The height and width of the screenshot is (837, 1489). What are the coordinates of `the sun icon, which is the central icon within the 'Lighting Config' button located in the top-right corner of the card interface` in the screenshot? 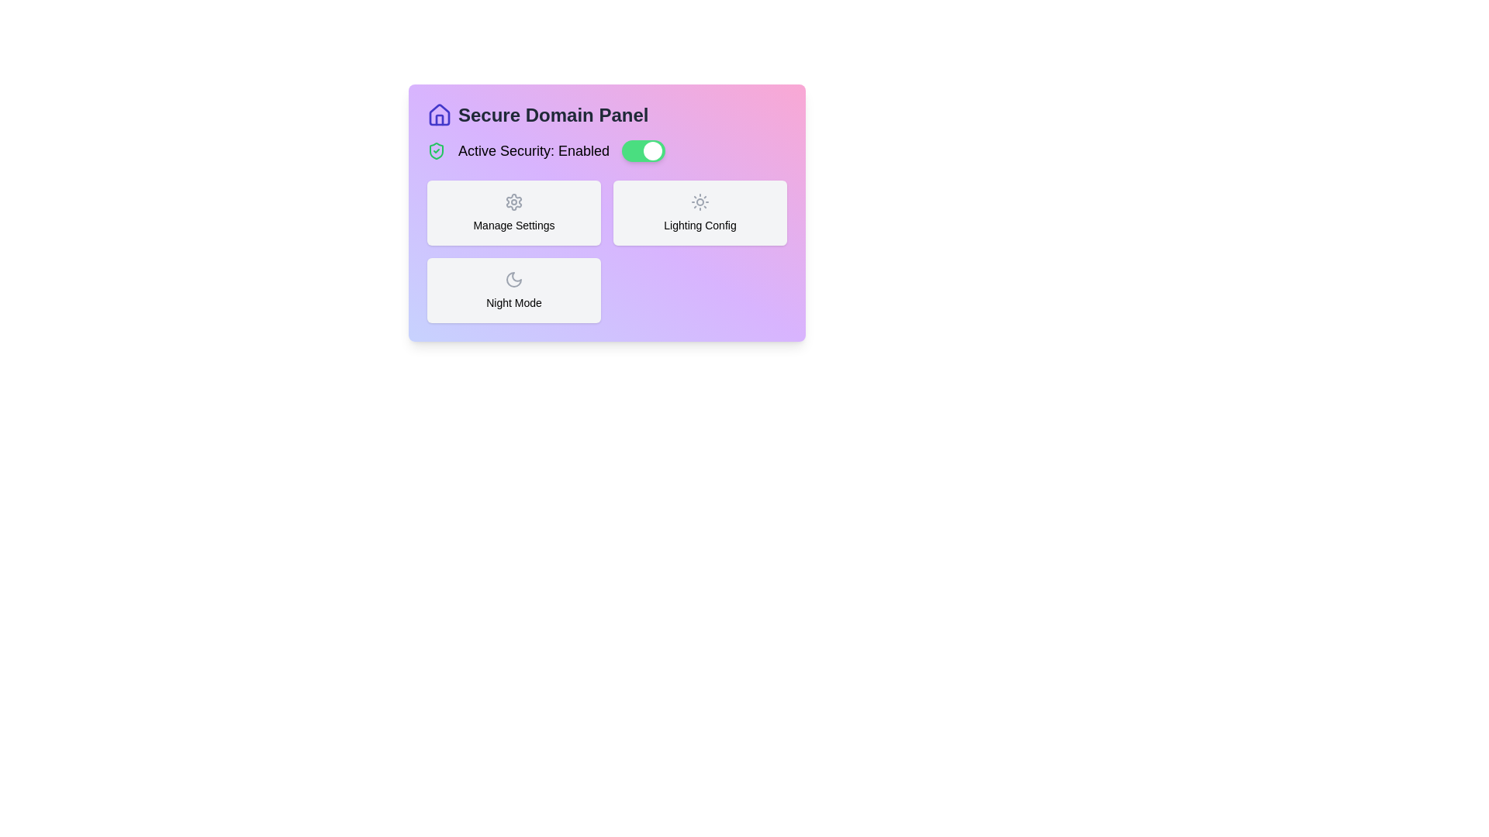 It's located at (699, 201).